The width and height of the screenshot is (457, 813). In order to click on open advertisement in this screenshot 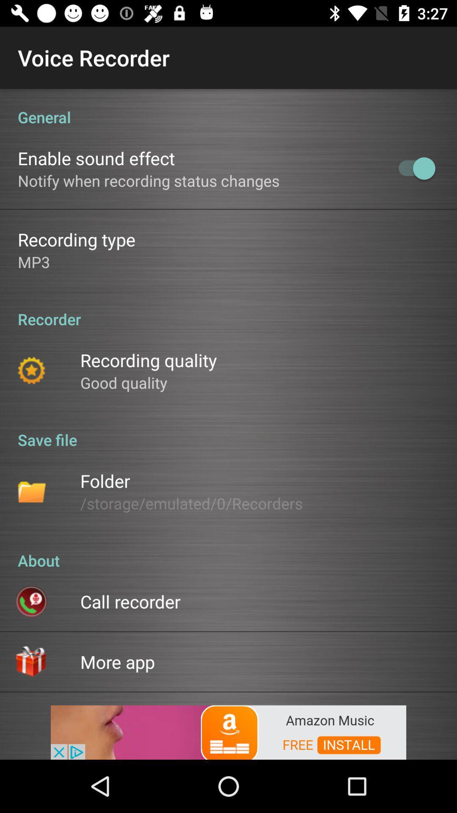, I will do `click(228, 731)`.